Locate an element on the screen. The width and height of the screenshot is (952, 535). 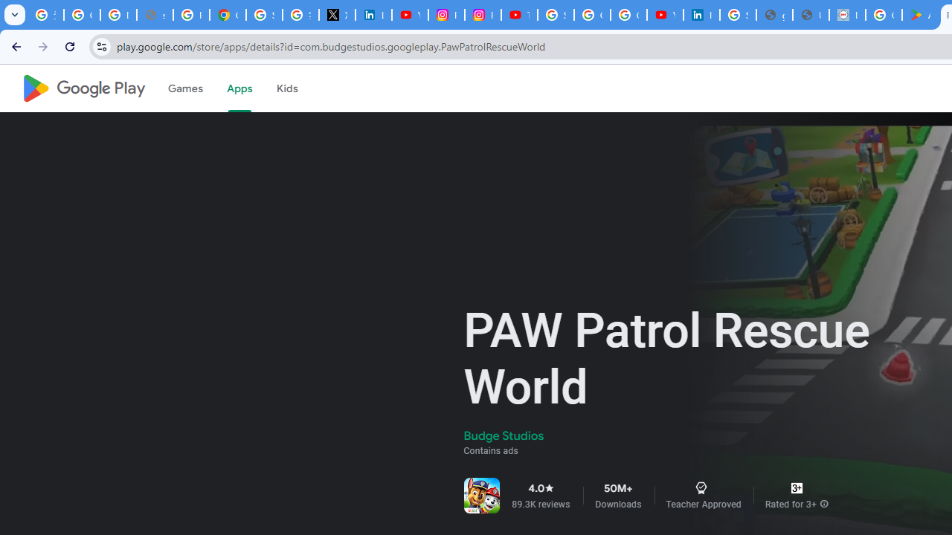
'Games' is located at coordinates (184, 88).